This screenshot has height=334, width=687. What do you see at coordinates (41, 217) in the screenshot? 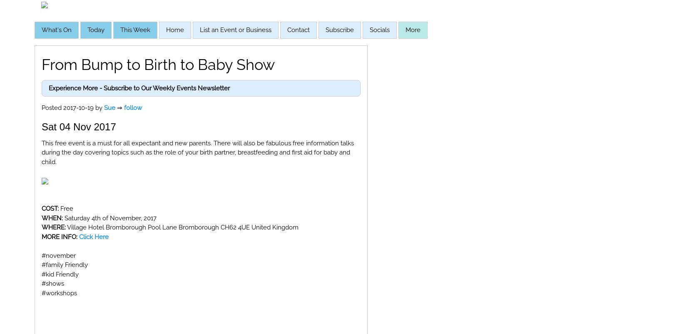
I see `'WHEN:'` at bounding box center [41, 217].